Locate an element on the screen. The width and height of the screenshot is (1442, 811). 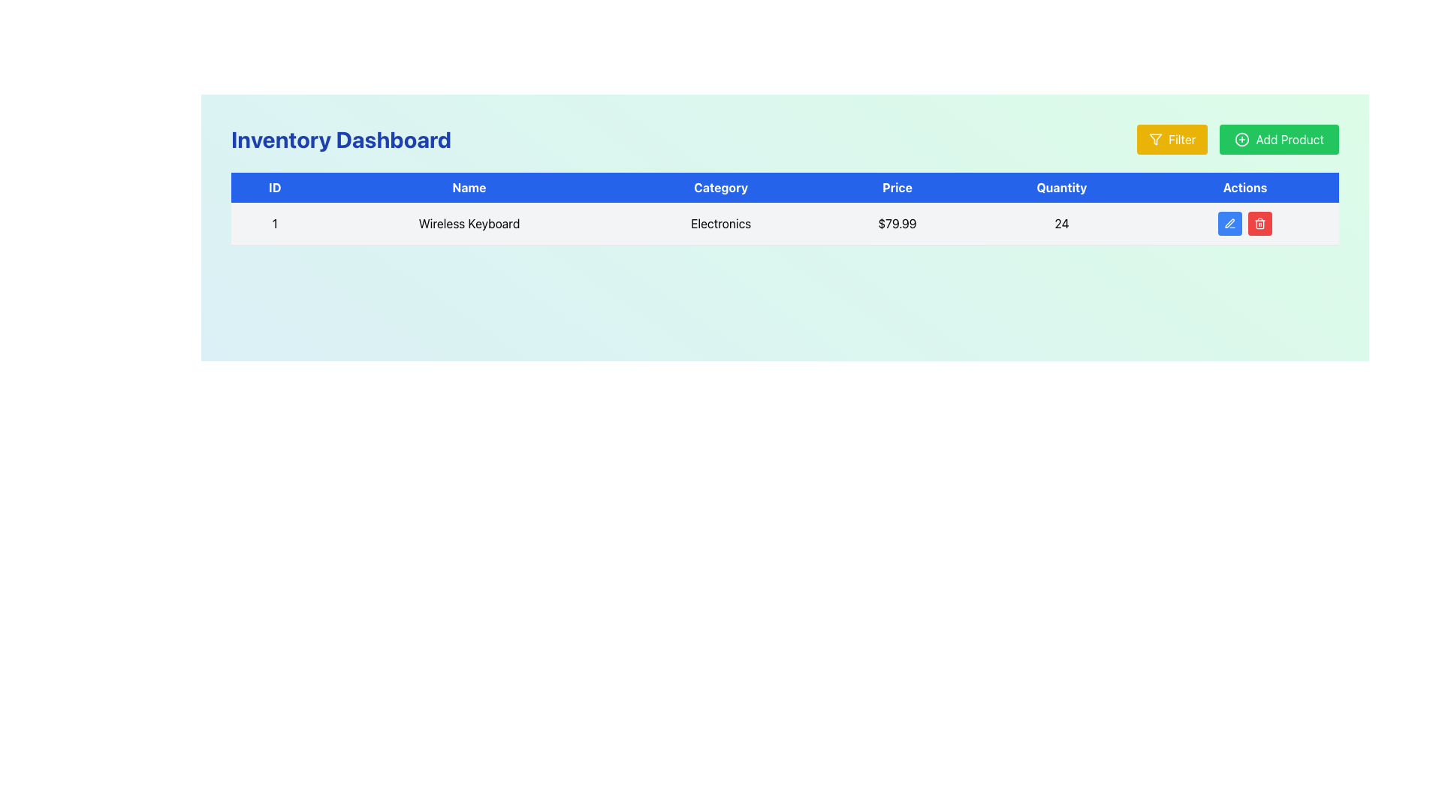
the text content of the price element displaying '$79.99' for the product 'Wireless Keyboard' located in the 'Price' column is located at coordinates (897, 224).